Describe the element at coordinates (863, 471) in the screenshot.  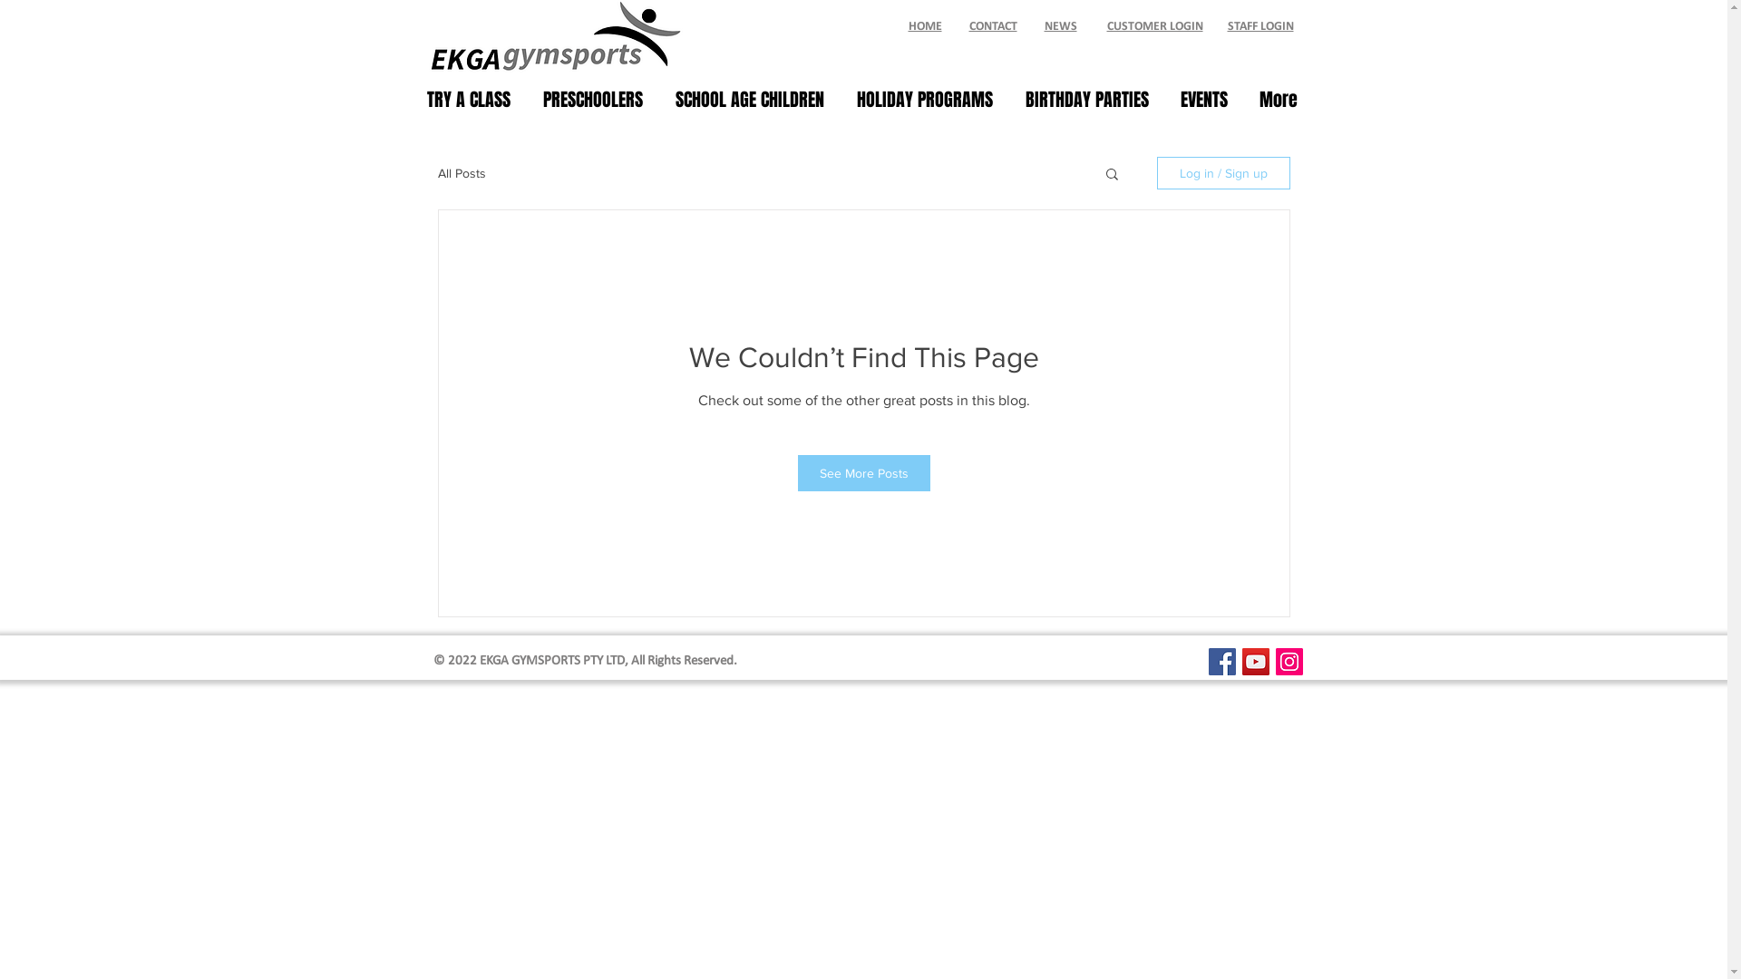
I see `'See More Posts'` at that location.